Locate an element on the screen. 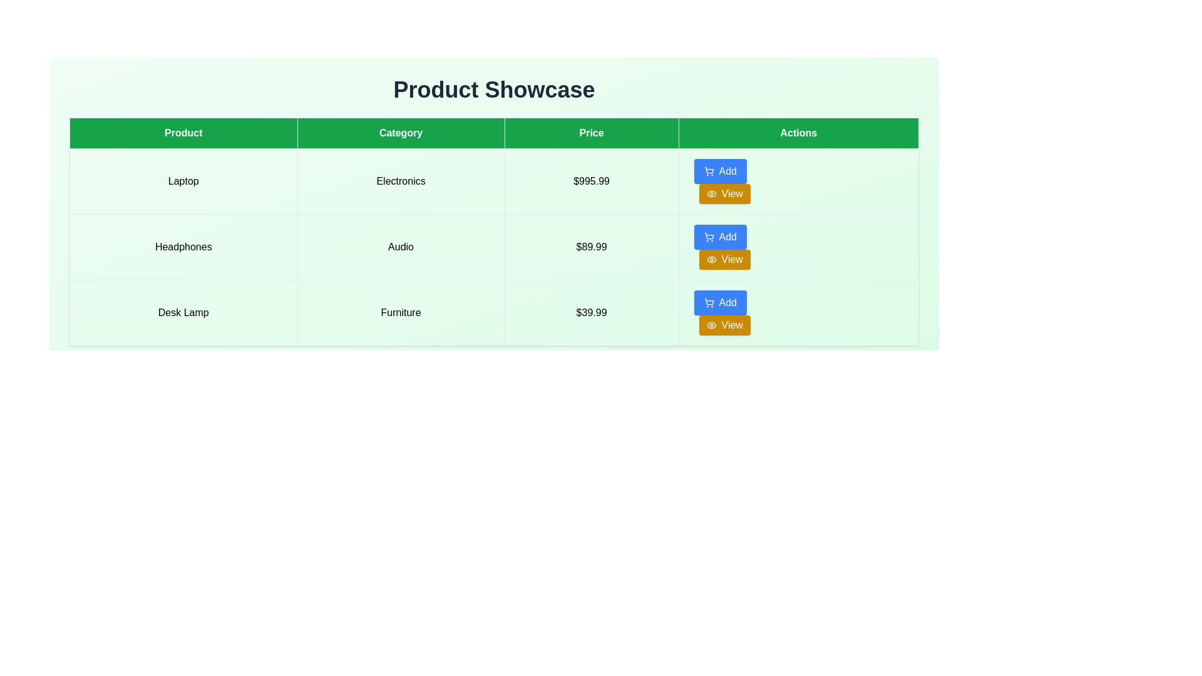  the table header cell that serves as the header for the product categories column, located between the 'Product' and 'Price' cells is located at coordinates (401, 133).